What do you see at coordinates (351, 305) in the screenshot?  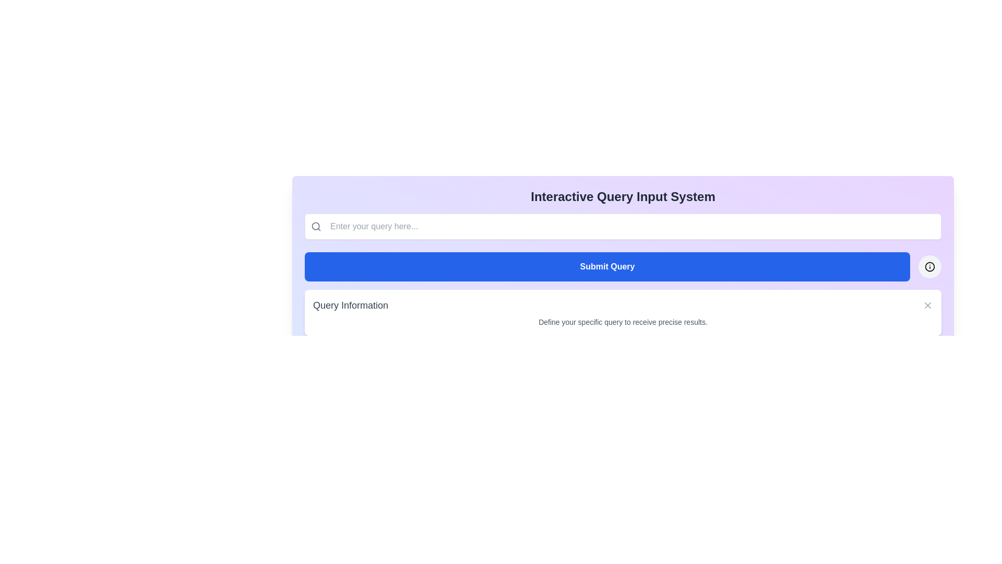 I see `the text label displaying 'Query Information', which is bold and gray, located below the 'Submit Query' button` at bounding box center [351, 305].